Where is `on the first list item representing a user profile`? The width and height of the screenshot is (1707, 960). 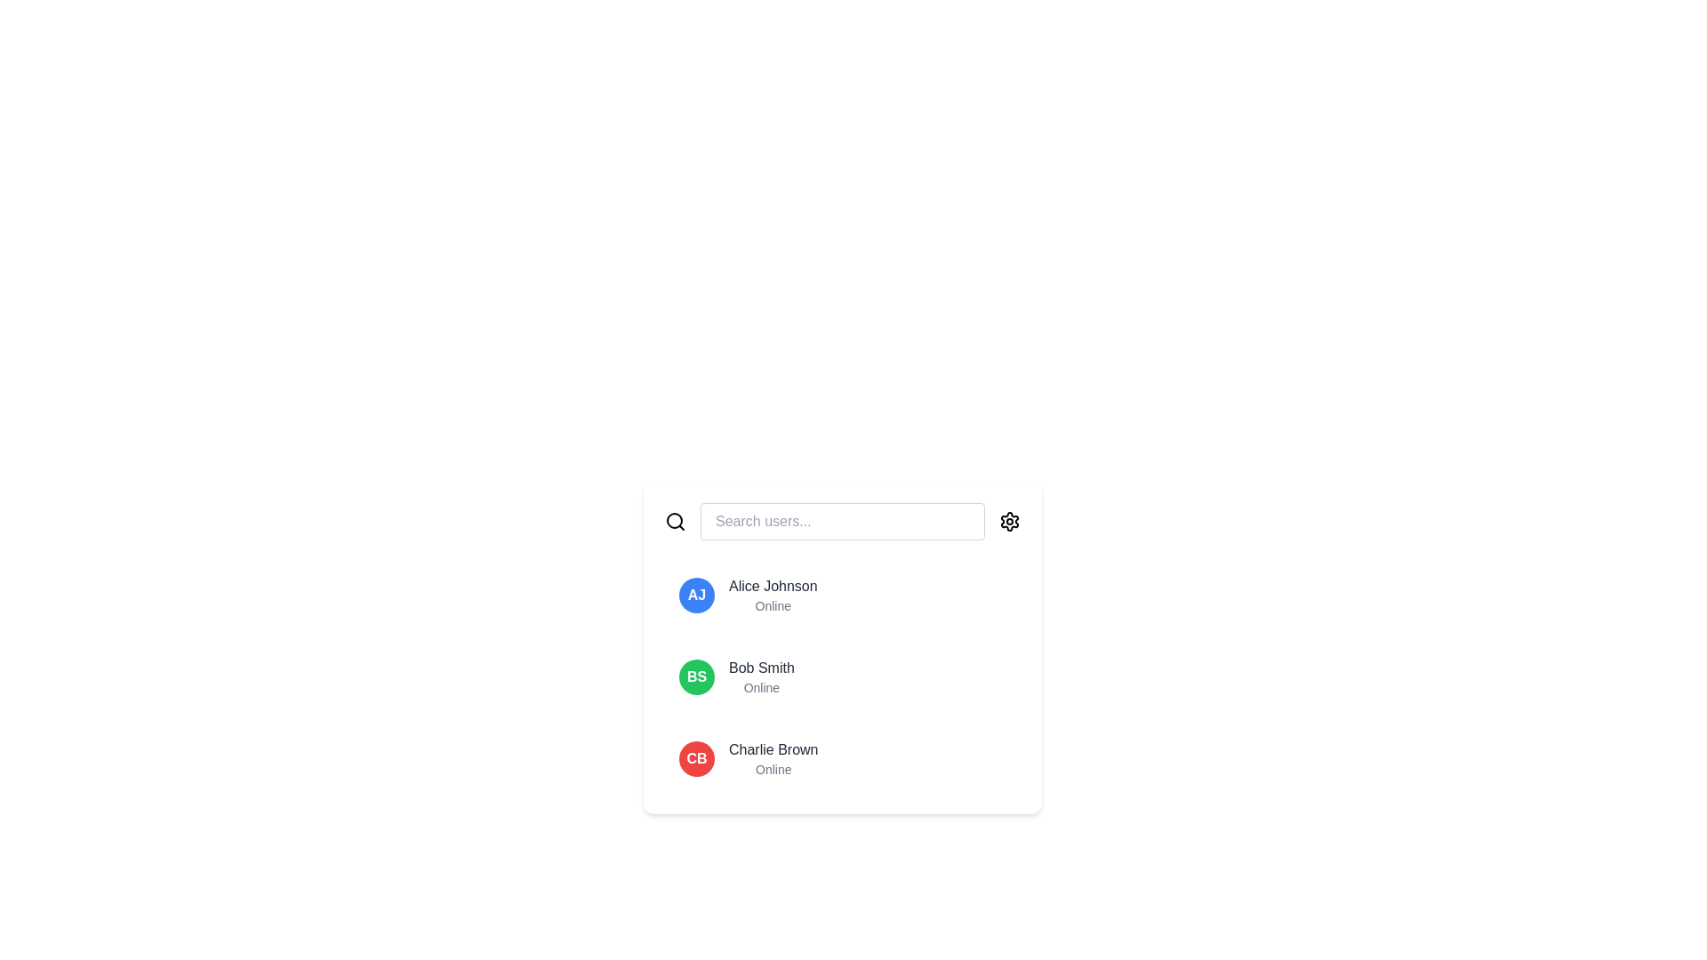 on the first list item representing a user profile is located at coordinates (842, 596).